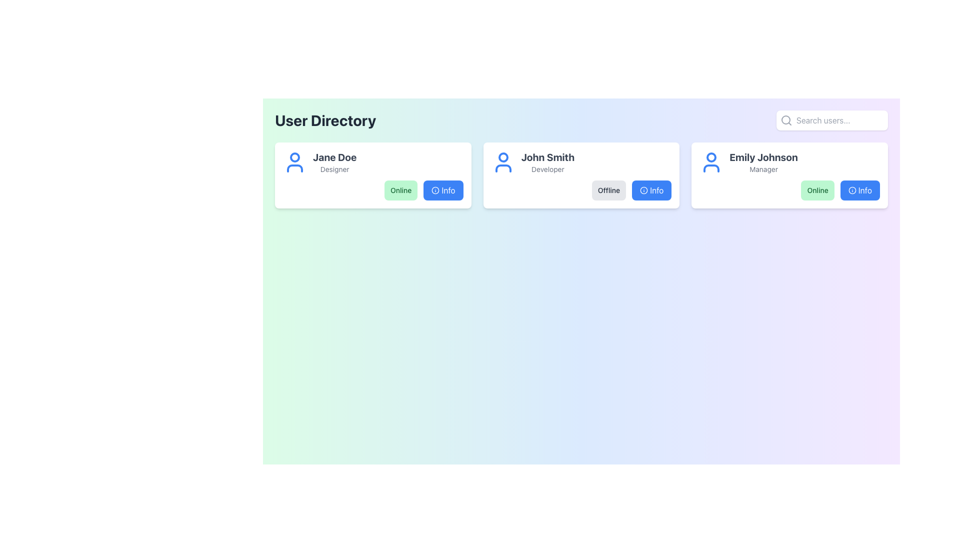 This screenshot has height=540, width=960. I want to click on the 'Info' button, which has a blue background and white text, located to the right of the green 'Online' status indicator, so click(859, 190).